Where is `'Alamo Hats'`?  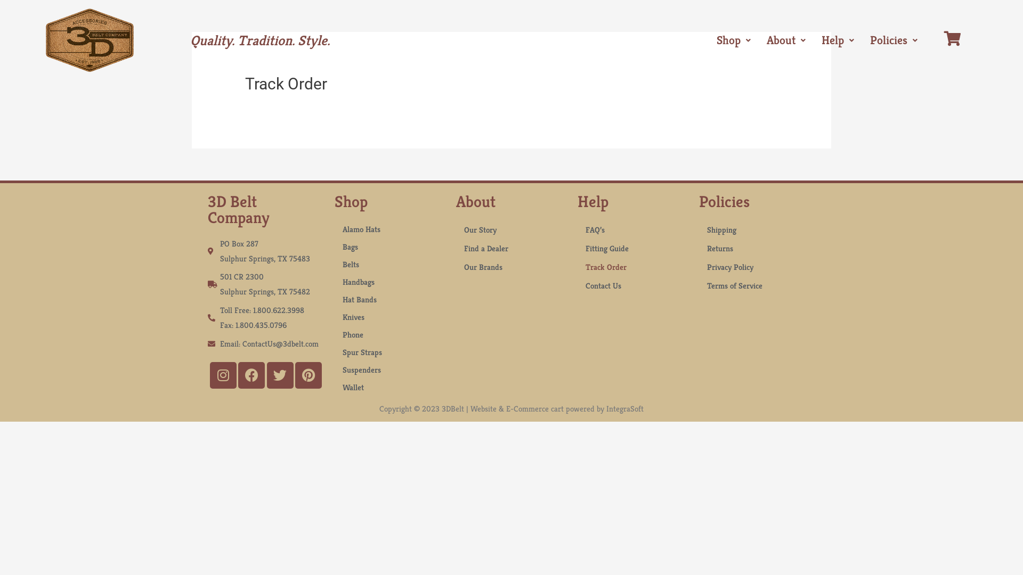
'Alamo Hats' is located at coordinates (389, 228).